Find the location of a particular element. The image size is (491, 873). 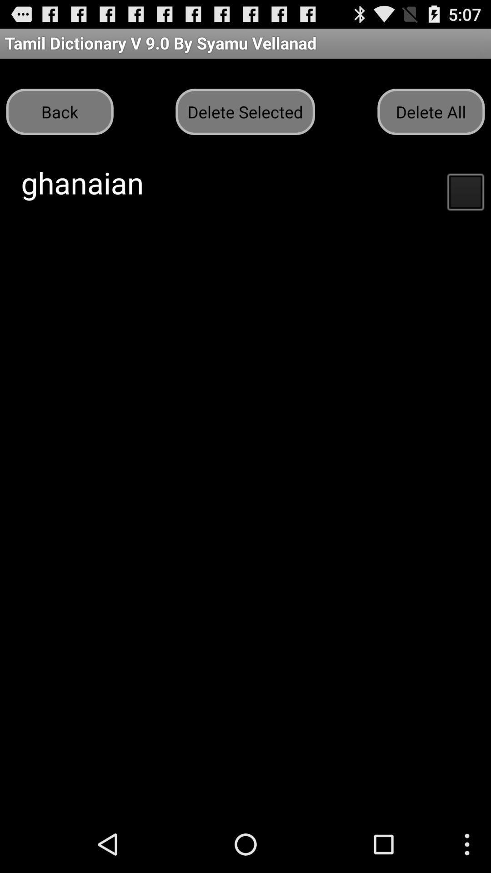

the delete selected is located at coordinates (245, 111).